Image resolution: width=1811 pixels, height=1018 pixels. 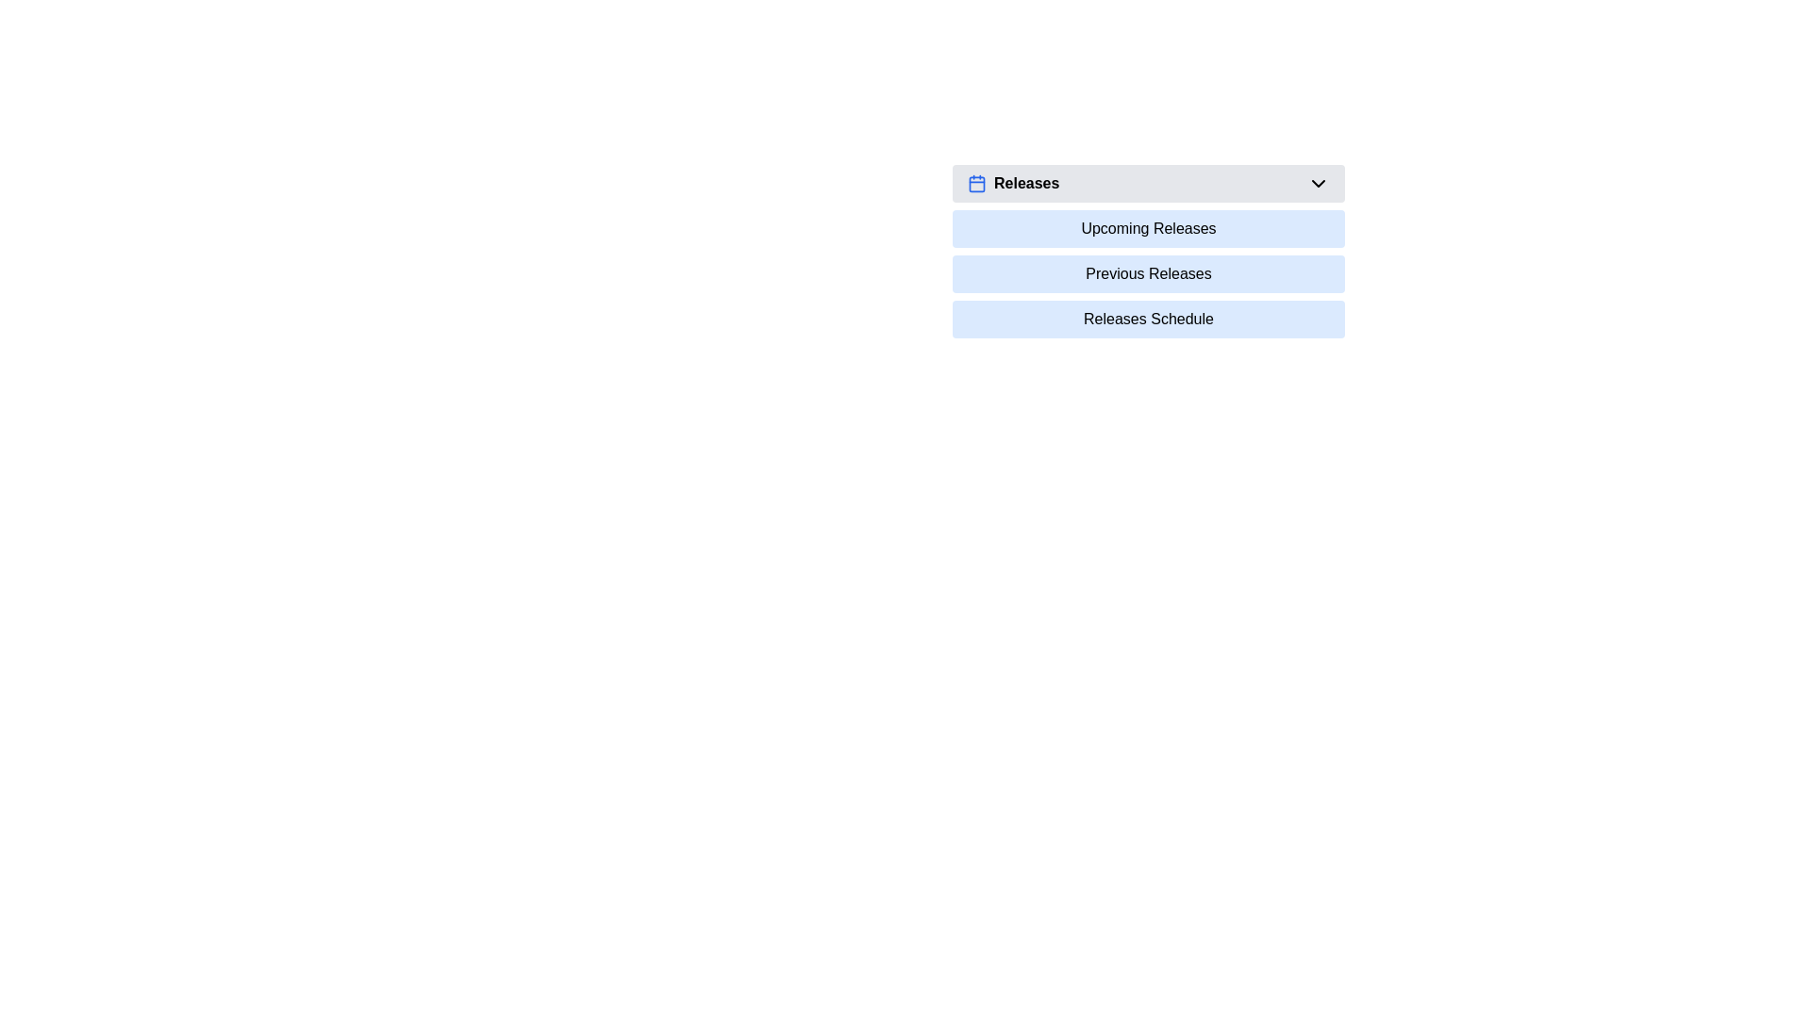 What do you see at coordinates (1148, 273) in the screenshot?
I see `the 'Previous Releases' button, which is styled with a light blue background and rounded corners` at bounding box center [1148, 273].